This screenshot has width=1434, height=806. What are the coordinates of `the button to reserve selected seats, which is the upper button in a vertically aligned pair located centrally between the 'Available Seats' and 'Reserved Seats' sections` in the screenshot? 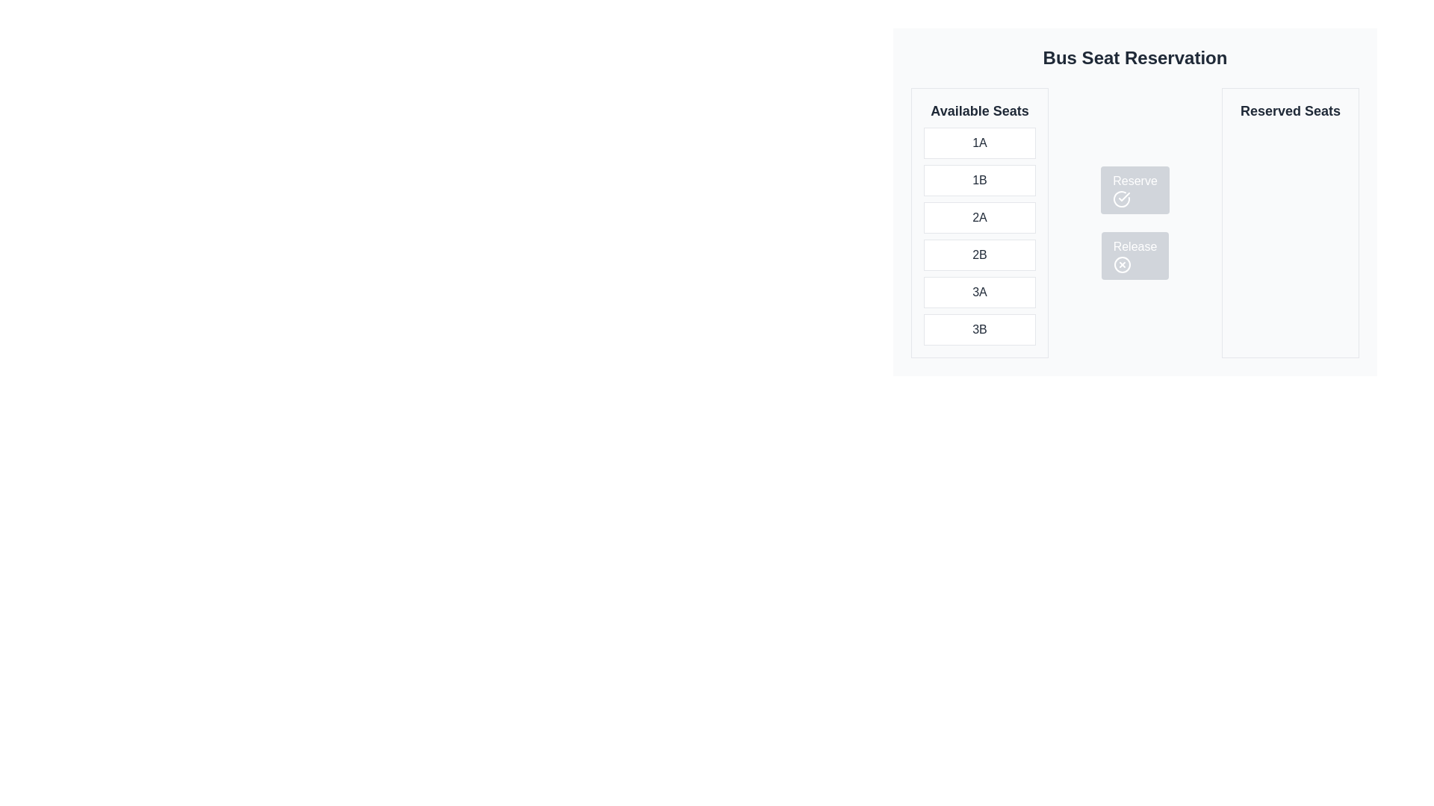 It's located at (1135, 201).